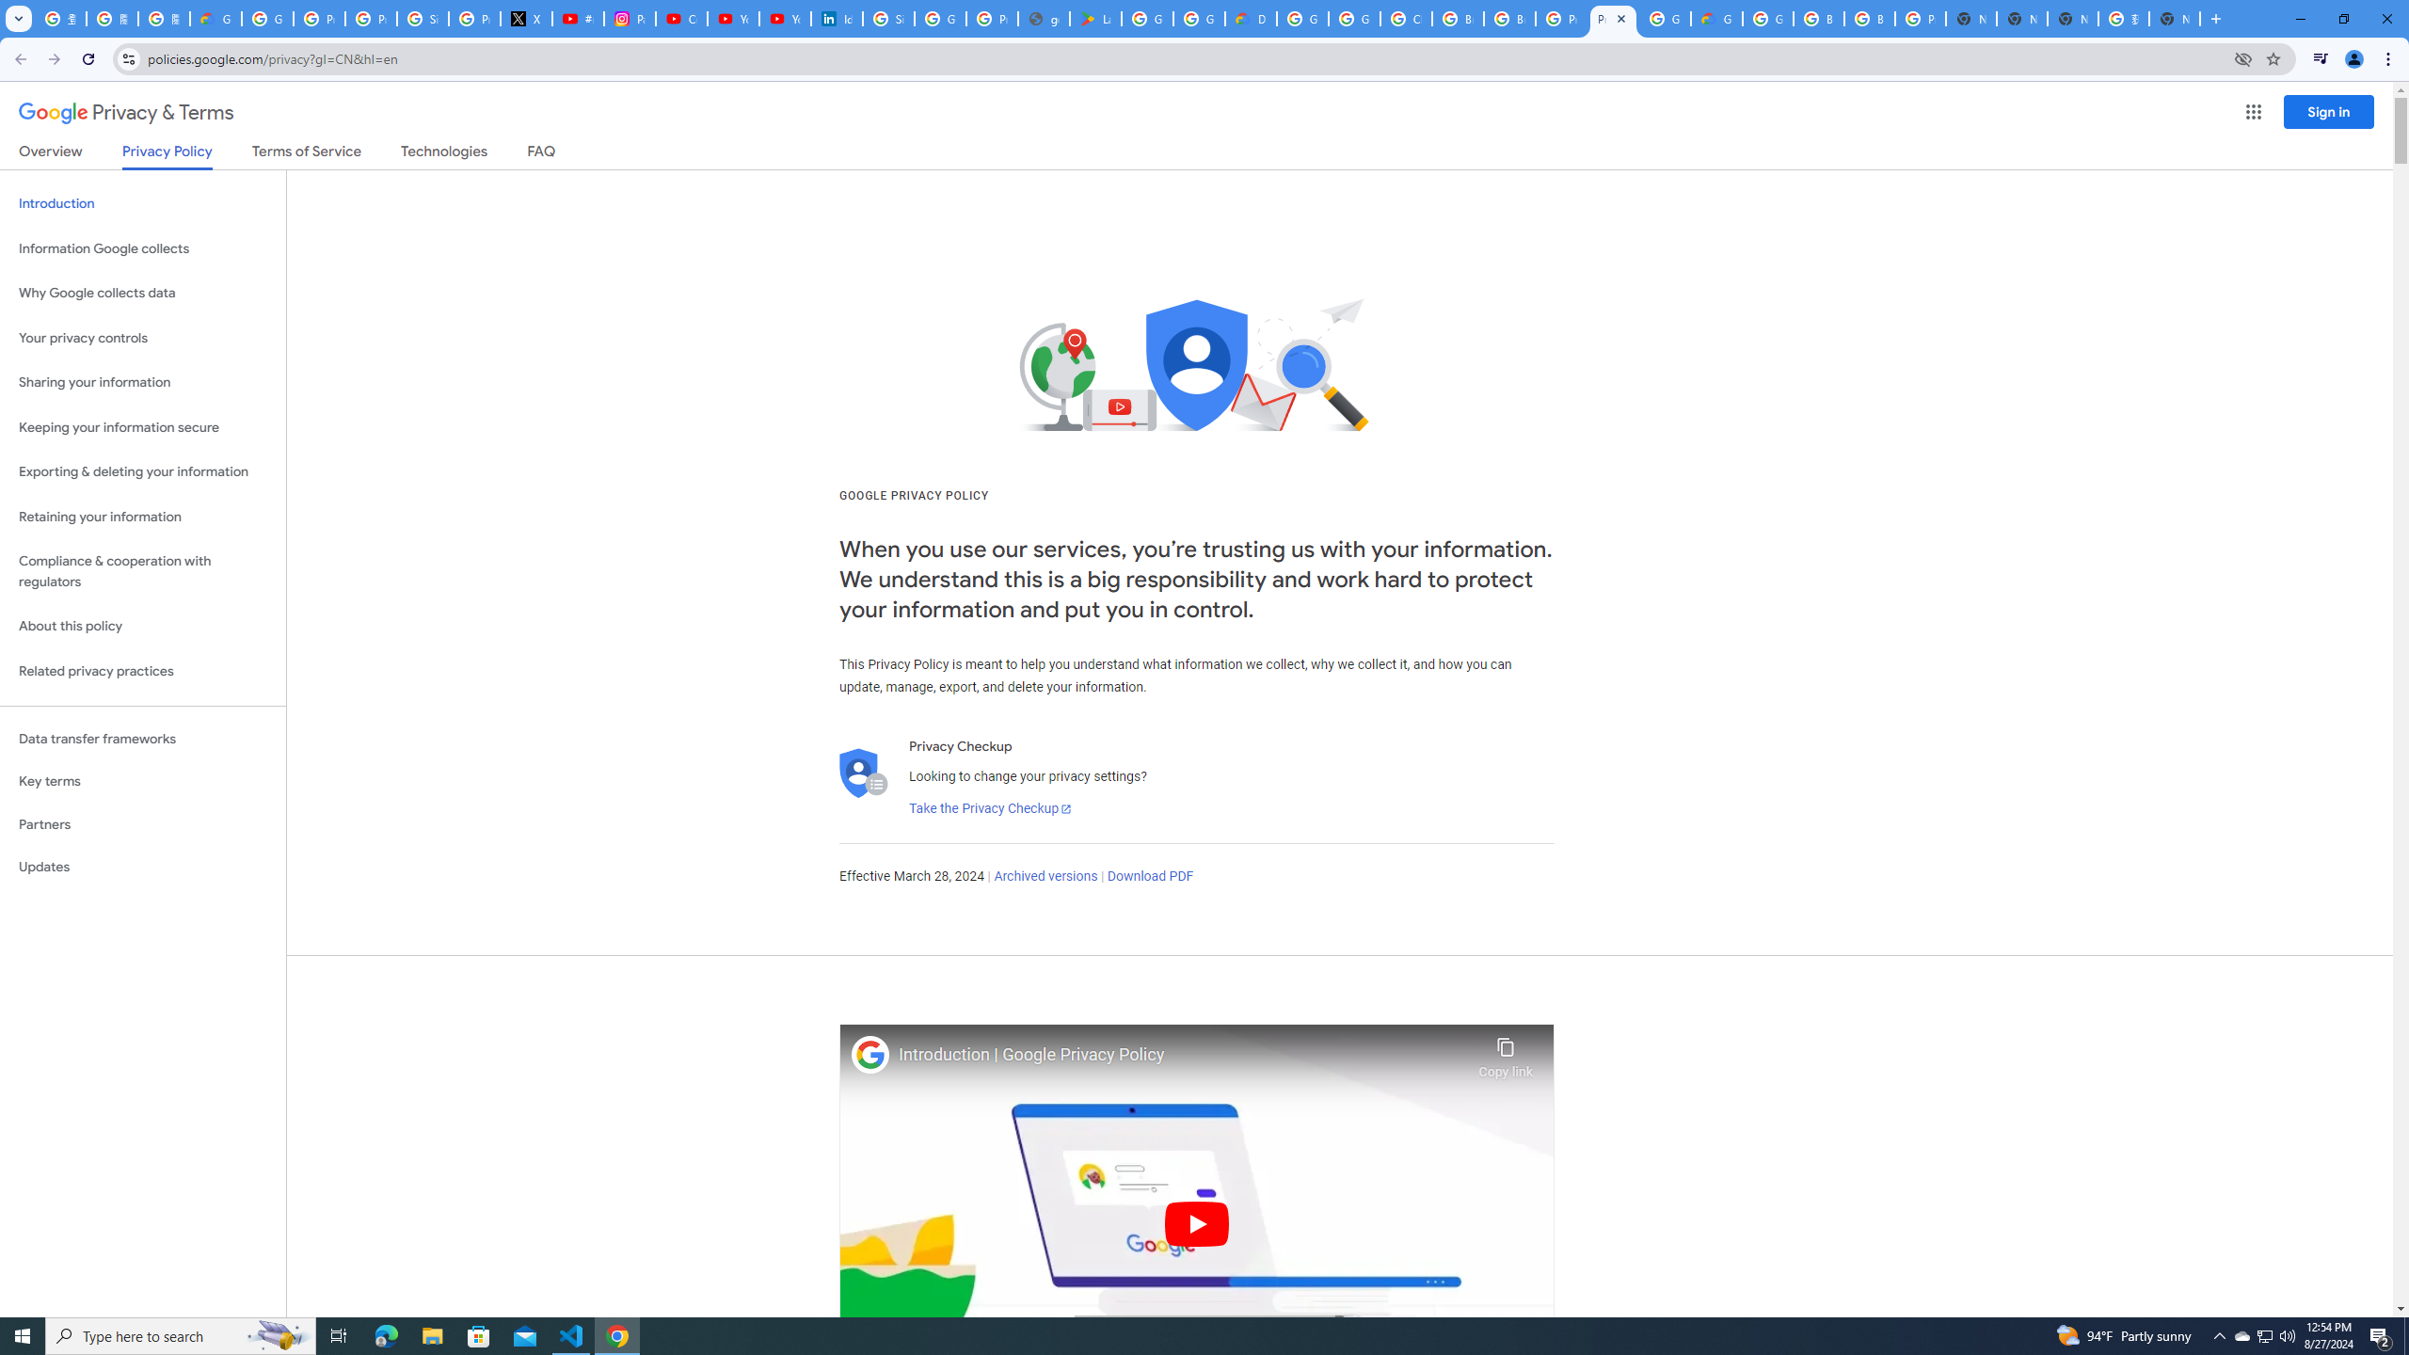  I want to click on 'Browse Chrome as a guest - Computer - Google Chrome Help', so click(1818, 18).